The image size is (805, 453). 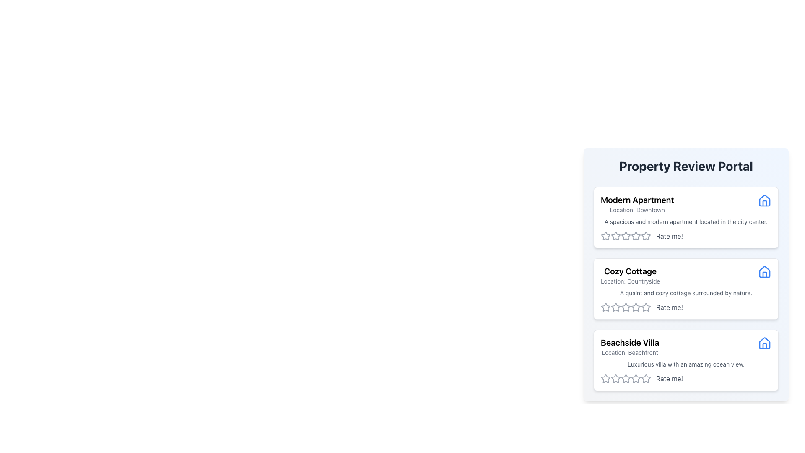 What do you see at coordinates (645, 307) in the screenshot?
I see `the fourth rating star in the sequence of five stars below the 'Cozy Cottage' text to indicate a rating` at bounding box center [645, 307].